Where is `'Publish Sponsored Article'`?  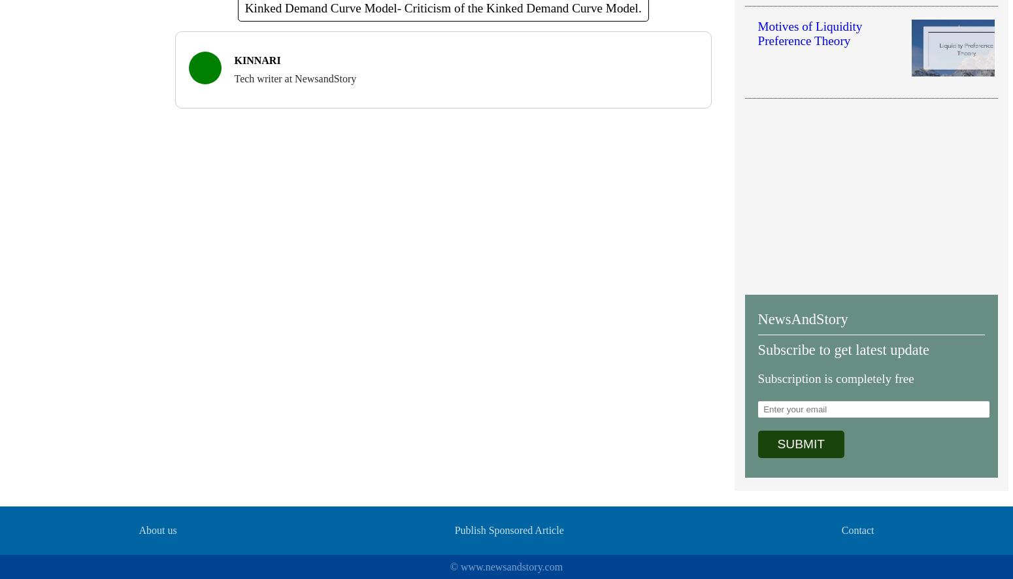
'Publish Sponsored Article' is located at coordinates (508, 530).